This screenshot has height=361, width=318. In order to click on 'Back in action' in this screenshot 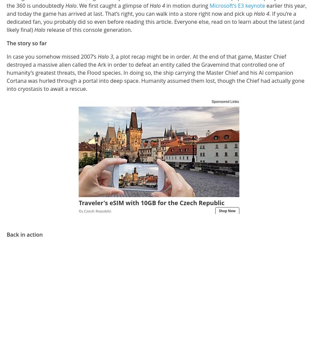, I will do `click(24, 234)`.